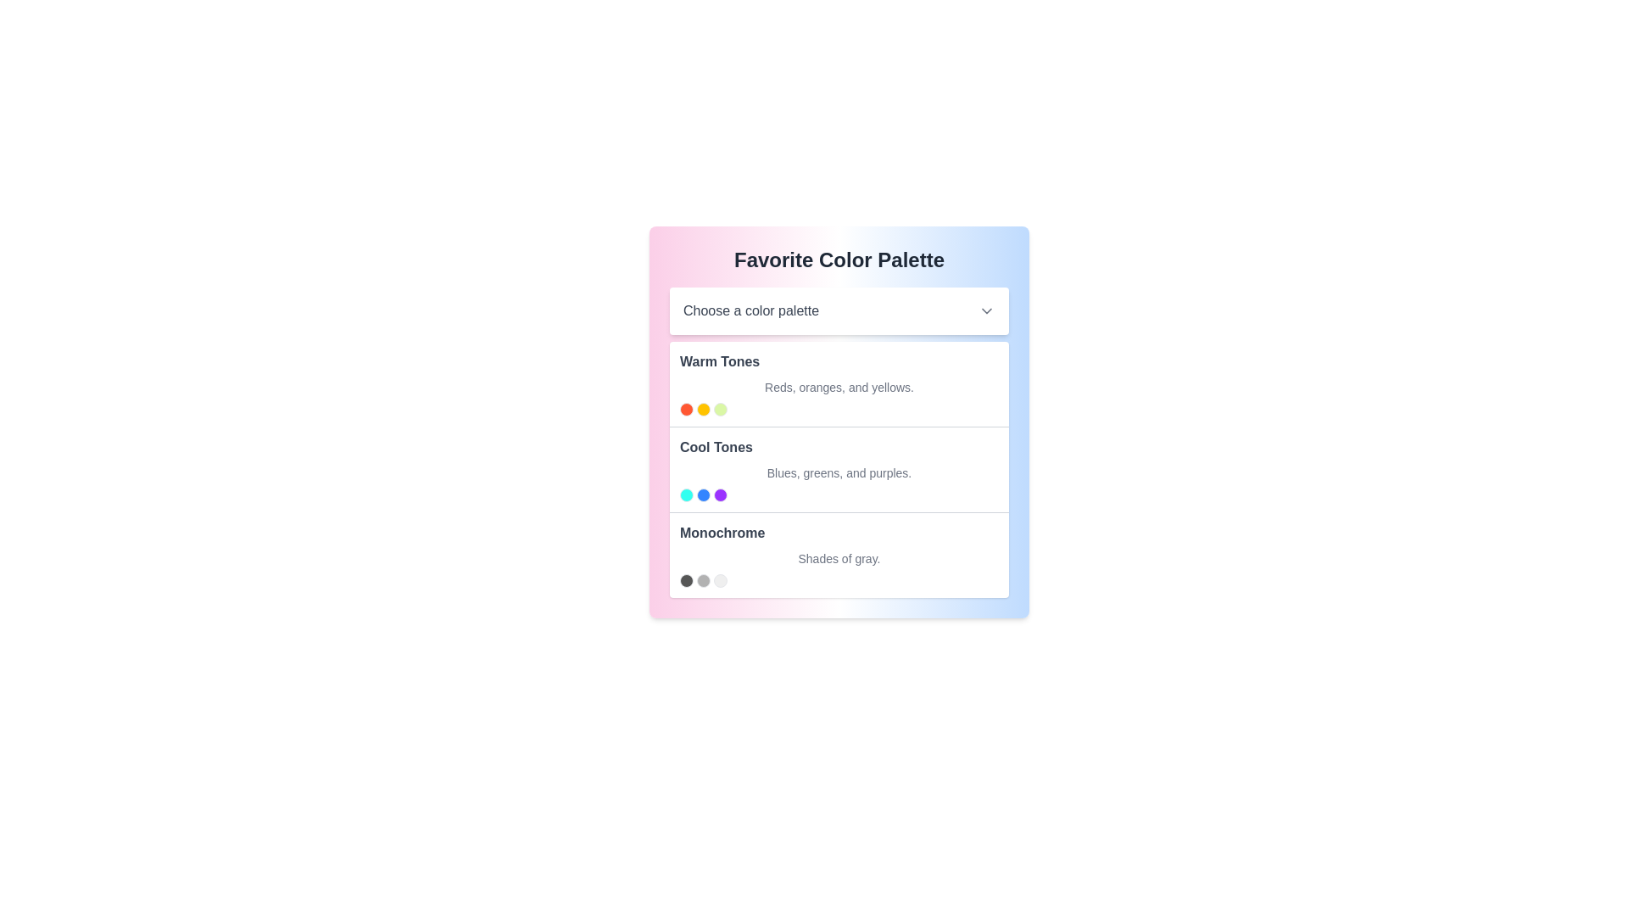 The height and width of the screenshot is (916, 1628). Describe the element at coordinates (839, 383) in the screenshot. I see `the first selectable option in the 'Favorite Color Palette' drop-down menu, which represents warm tones including reds, oranges, and yellows` at that location.